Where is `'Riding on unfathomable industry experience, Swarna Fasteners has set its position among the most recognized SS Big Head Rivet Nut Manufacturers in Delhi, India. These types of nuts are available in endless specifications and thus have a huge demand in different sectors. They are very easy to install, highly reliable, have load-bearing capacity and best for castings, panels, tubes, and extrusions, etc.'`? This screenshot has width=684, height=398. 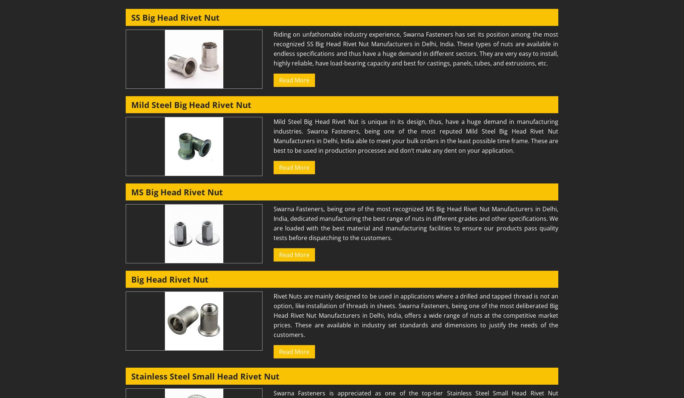
'Riding on unfathomable industry experience, Swarna Fasteners has set its position among the most recognized SS Big Head Rivet Nut Manufacturers in Delhi, India. These types of nuts are available in endless specifications and thus have a huge demand in different sectors. They are very easy to install, highly reliable, have load-bearing capacity and best for castings, panels, tubes, and extrusions, etc.' is located at coordinates (415, 48).